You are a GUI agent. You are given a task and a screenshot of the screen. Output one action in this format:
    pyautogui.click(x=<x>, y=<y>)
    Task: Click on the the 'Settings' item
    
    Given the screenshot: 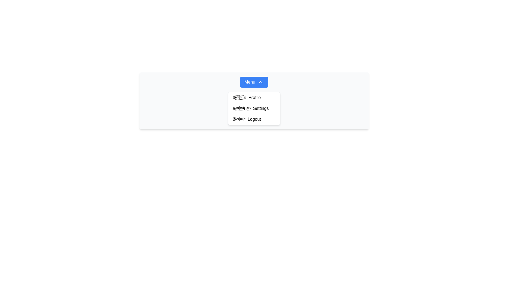 What is the action you would take?
    pyautogui.click(x=254, y=101)
    